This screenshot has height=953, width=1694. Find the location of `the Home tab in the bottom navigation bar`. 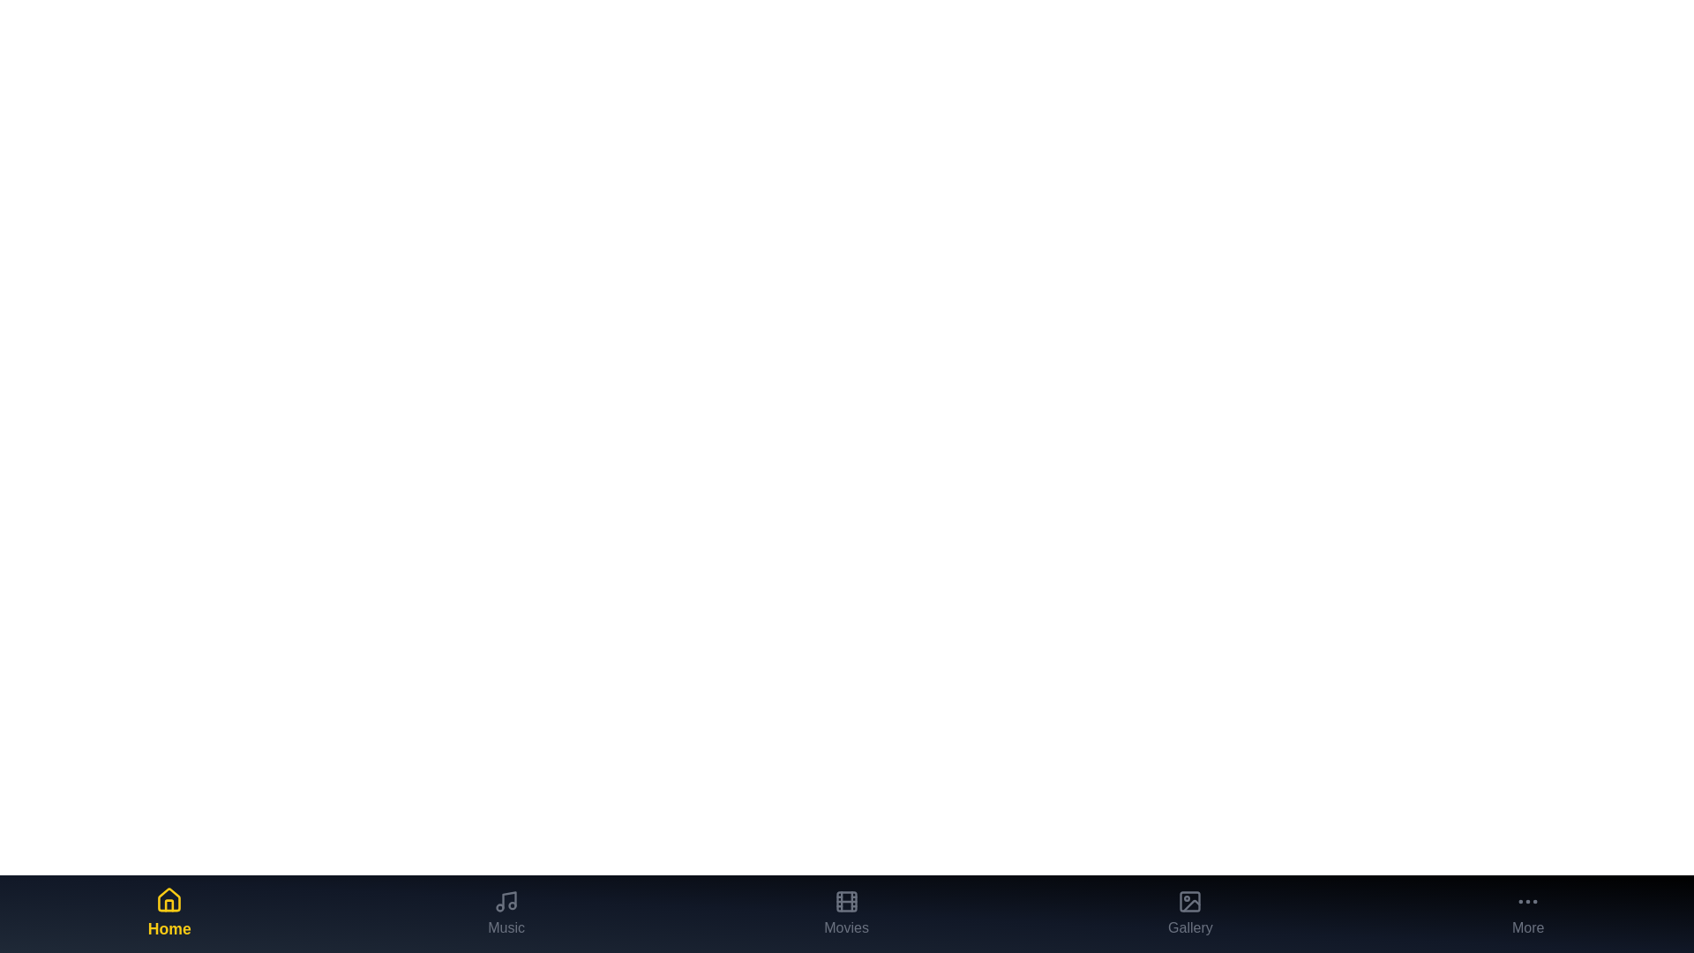

the Home tab in the bottom navigation bar is located at coordinates (169, 913).